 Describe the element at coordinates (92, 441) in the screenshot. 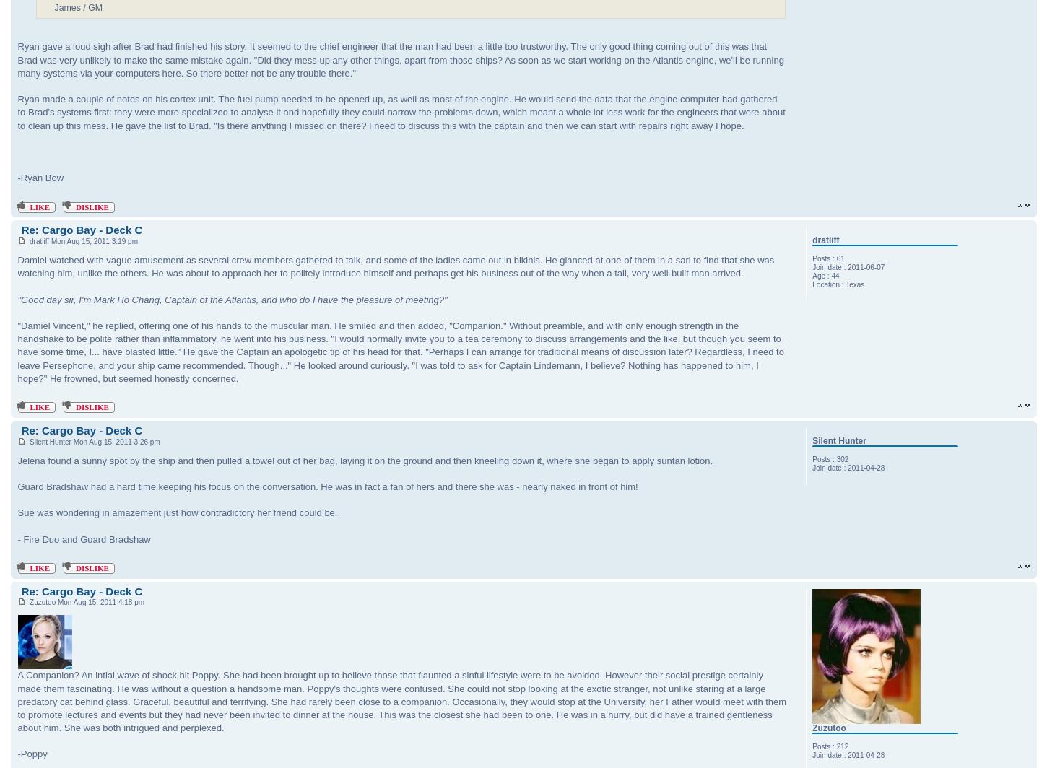

I see `'Silent Hunter Mon Aug 15, 2011 3:26 pm'` at that location.